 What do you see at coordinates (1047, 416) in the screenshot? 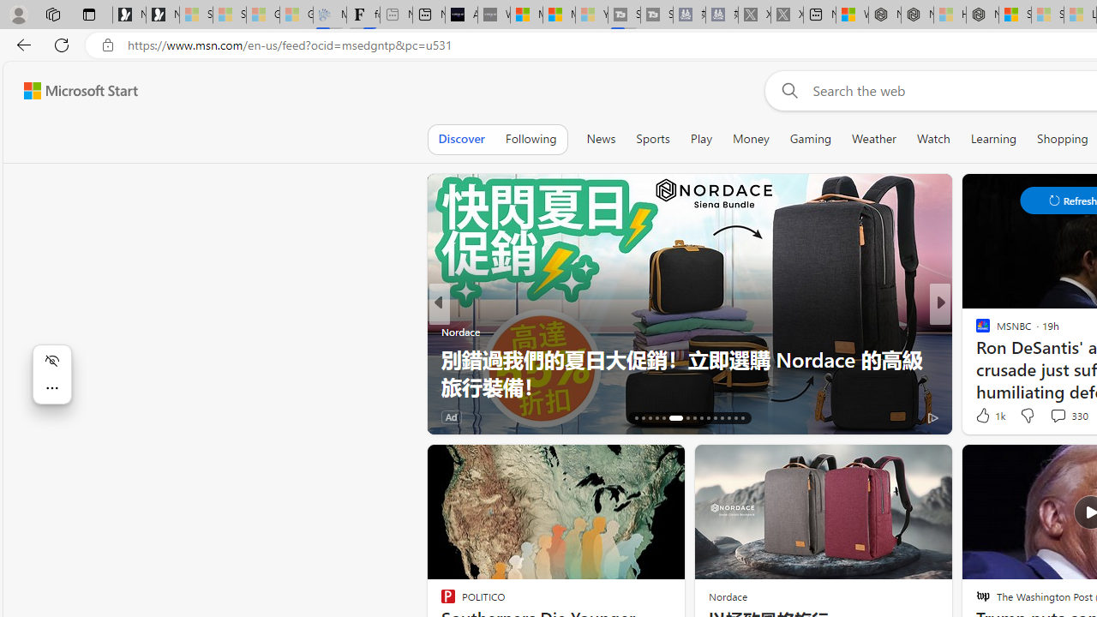
I see `'Comments turned off for this story'` at bounding box center [1047, 416].